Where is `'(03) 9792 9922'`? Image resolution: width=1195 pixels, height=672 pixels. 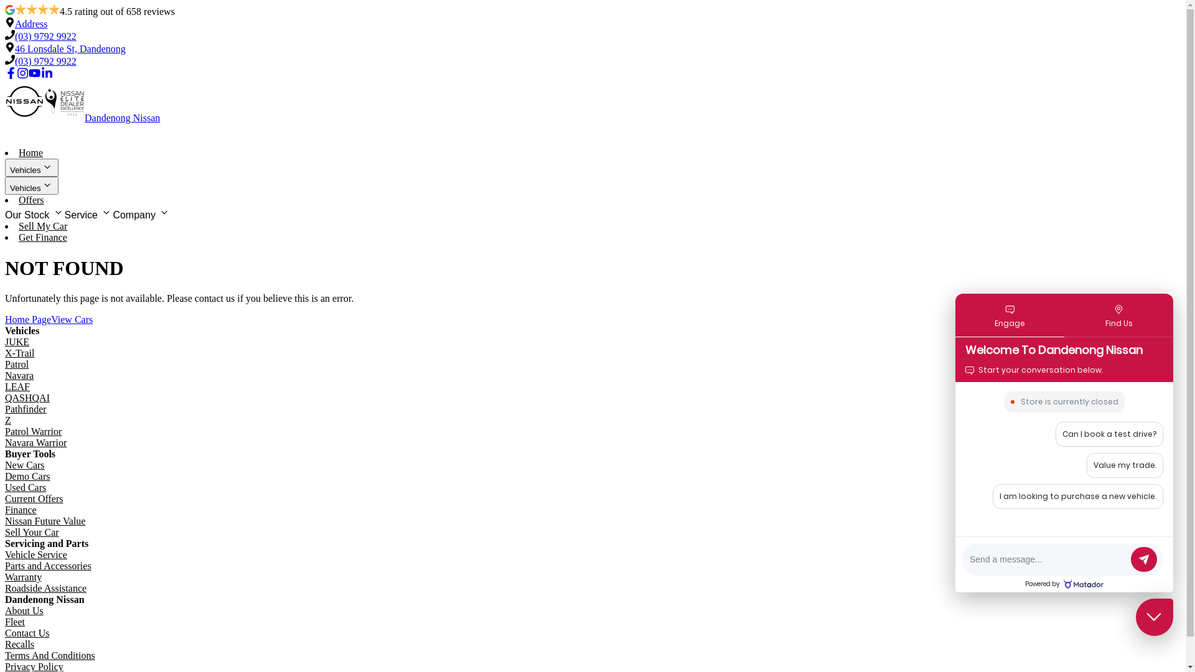 '(03) 9792 9922' is located at coordinates (15, 61).